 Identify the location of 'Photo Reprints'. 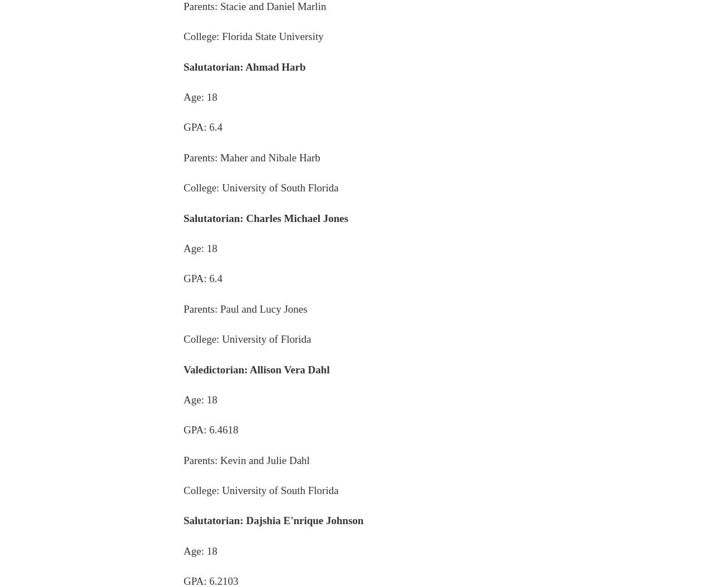
(518, 490).